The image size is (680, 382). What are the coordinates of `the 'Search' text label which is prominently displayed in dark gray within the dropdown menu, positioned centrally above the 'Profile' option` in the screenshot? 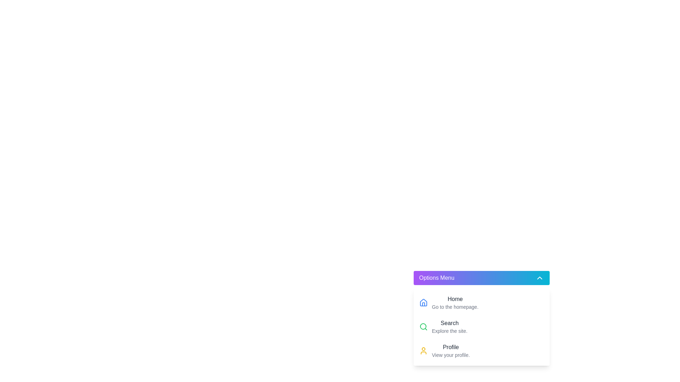 It's located at (449, 323).